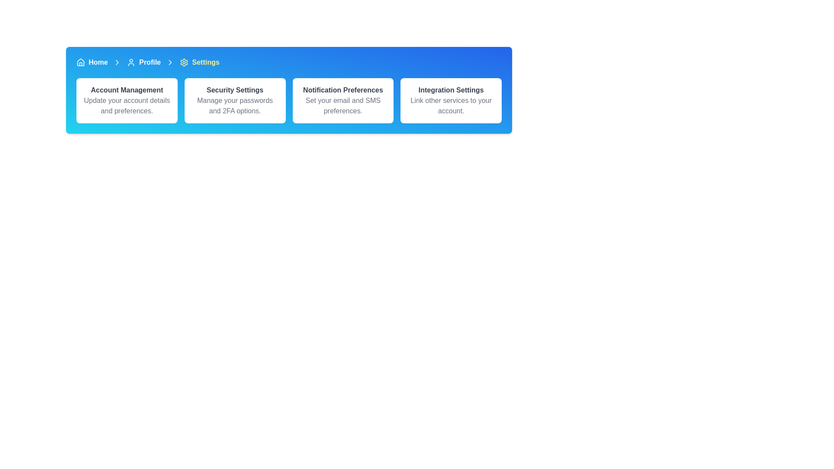 The image size is (834, 469). Describe the element at coordinates (451, 105) in the screenshot. I see `text label that says 'Link other services to your account.' located within the 'Integration Settings' box, which is the second text section under the header of that box` at that location.